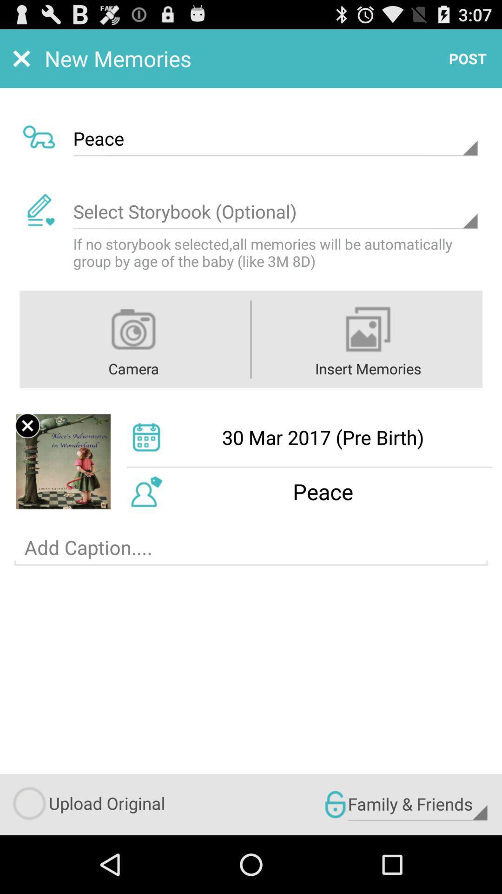  I want to click on storybook optional, so click(275, 211).